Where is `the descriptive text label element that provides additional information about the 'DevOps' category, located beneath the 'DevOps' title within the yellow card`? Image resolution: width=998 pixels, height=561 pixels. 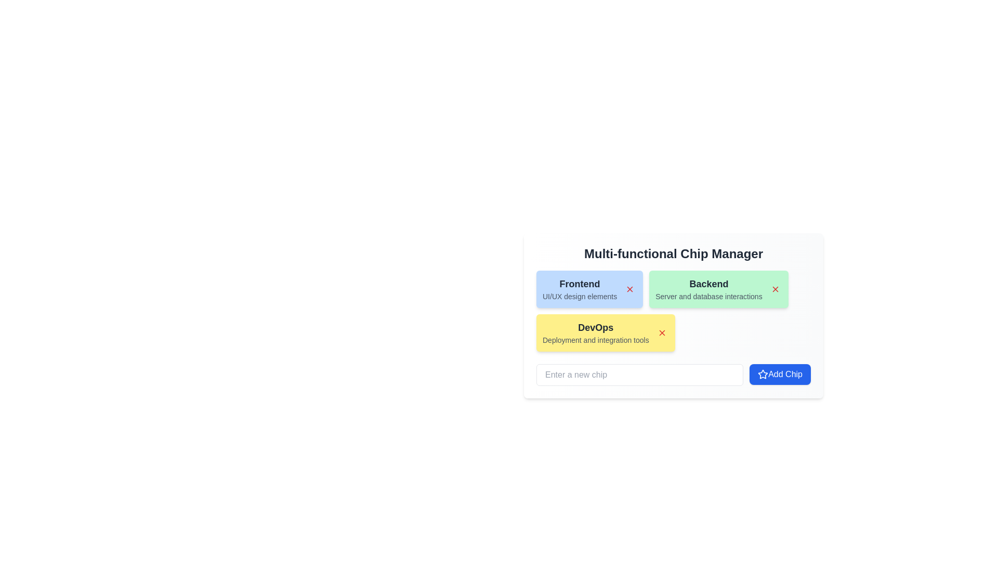
the descriptive text label element that provides additional information about the 'DevOps' category, located beneath the 'DevOps' title within the yellow card is located at coordinates (596, 340).